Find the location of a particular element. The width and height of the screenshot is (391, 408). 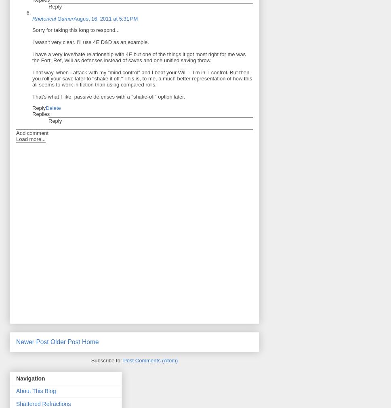

'Shattered Refractions' is located at coordinates (43, 404).